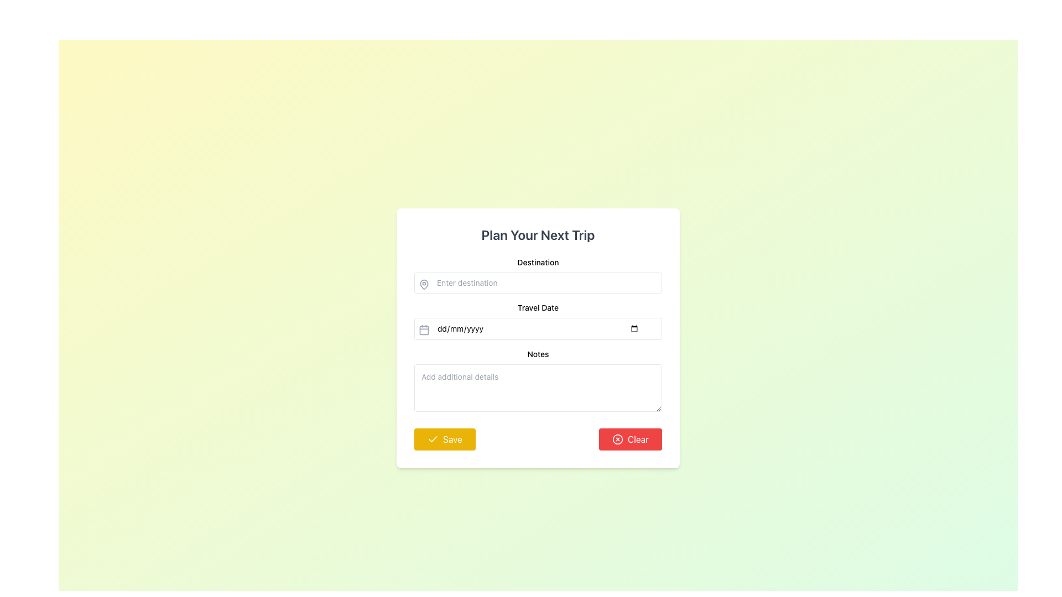 The image size is (1062, 597). What do you see at coordinates (631, 438) in the screenshot?
I see `the 'Clear' button located at the bottom-right corner of the form interface to clear the form` at bounding box center [631, 438].